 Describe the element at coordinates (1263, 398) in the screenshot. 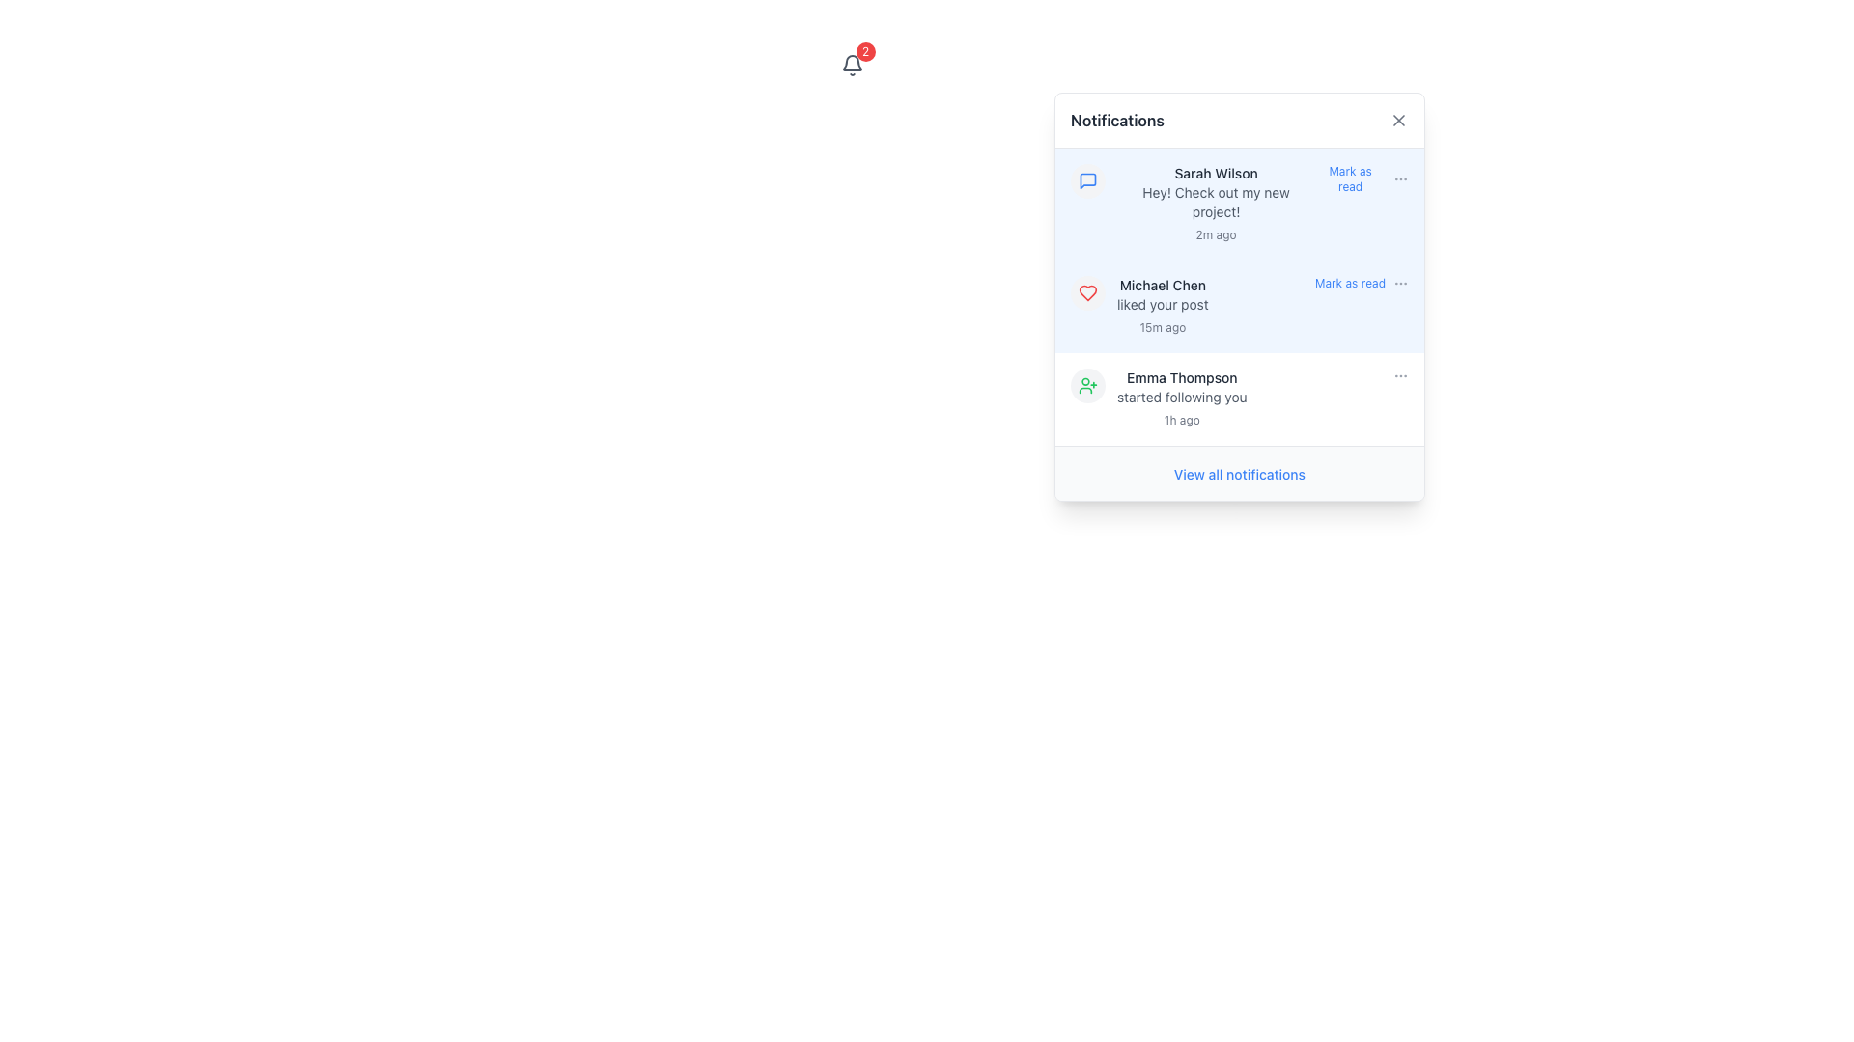

I see `the third notification entry that displays 'Emma Thompson started following you 1h ago'` at that location.